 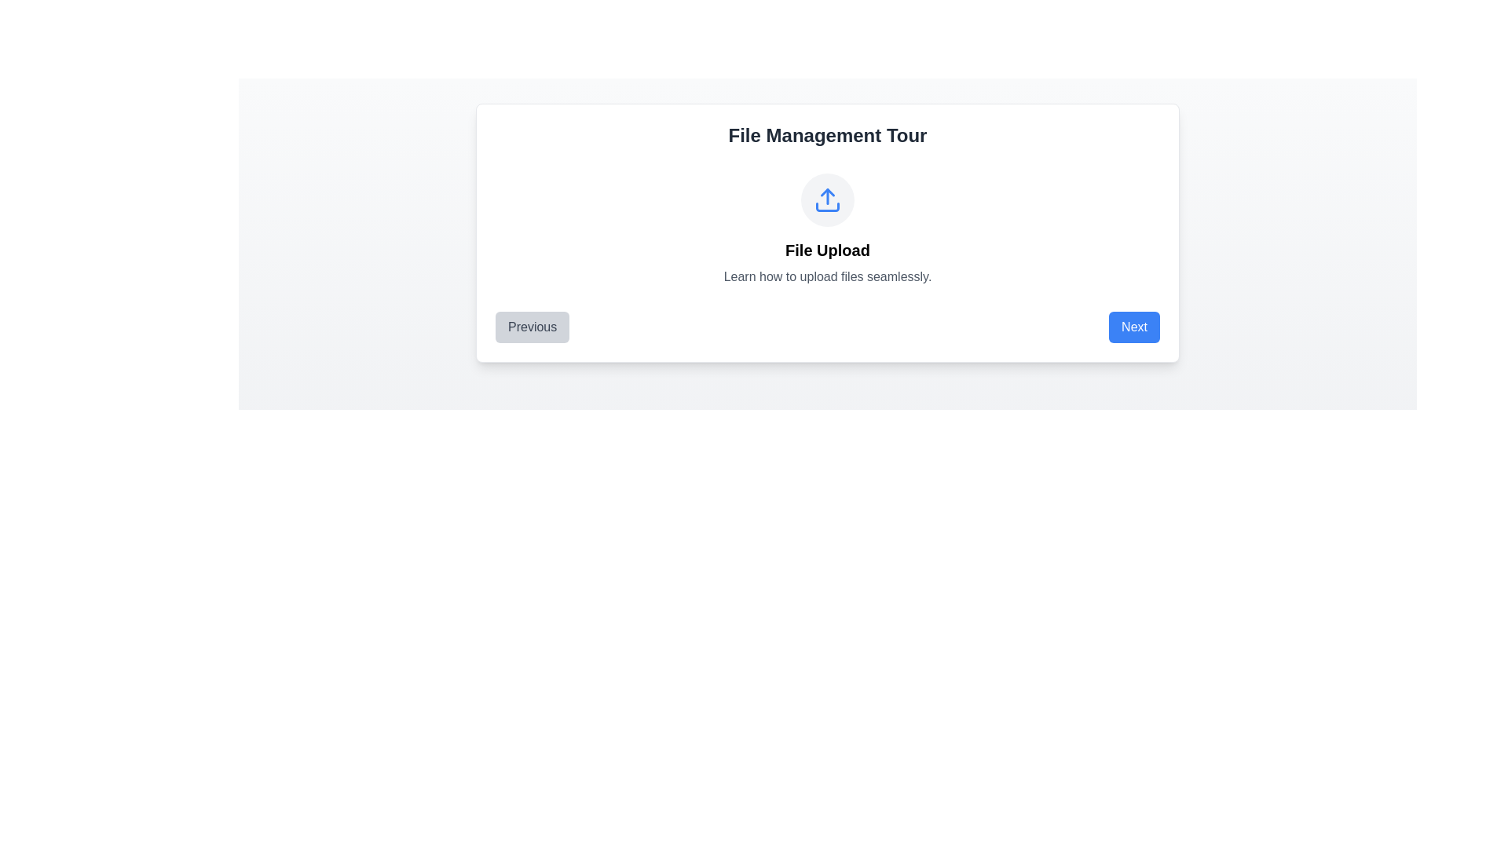 What do you see at coordinates (1134, 326) in the screenshot?
I see `the 'Next' button located at the bottom-right side of the rectangular card component to proceed to the next step in the process` at bounding box center [1134, 326].